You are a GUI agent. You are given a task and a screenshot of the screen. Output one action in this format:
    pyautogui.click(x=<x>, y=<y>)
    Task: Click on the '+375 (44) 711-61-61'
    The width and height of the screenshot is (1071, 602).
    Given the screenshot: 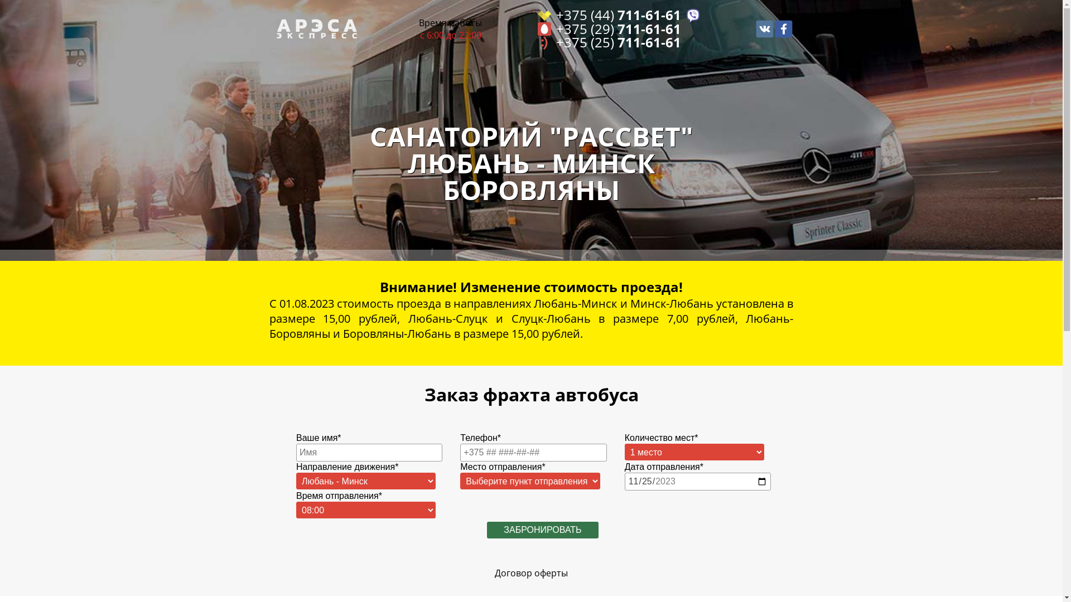 What is the action you would take?
    pyautogui.click(x=618, y=15)
    